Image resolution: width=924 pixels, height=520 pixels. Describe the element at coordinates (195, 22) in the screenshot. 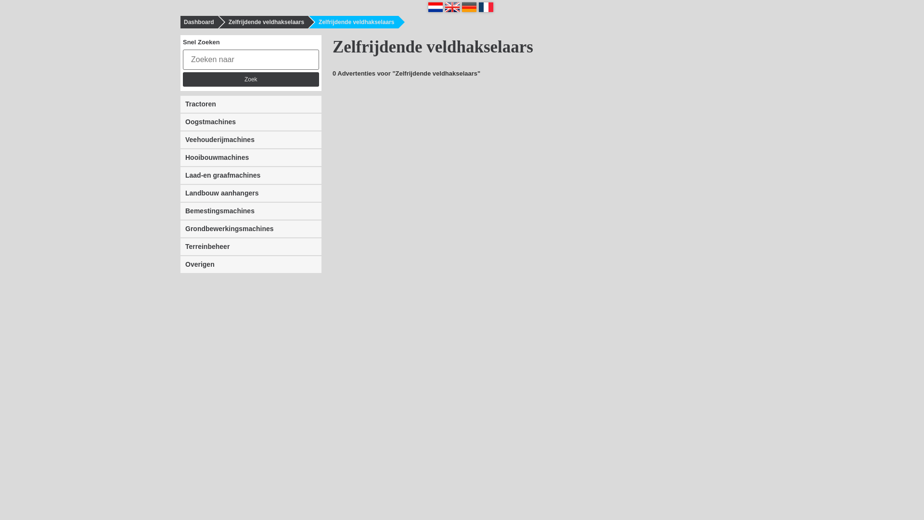

I see `'Dashboard'` at that location.